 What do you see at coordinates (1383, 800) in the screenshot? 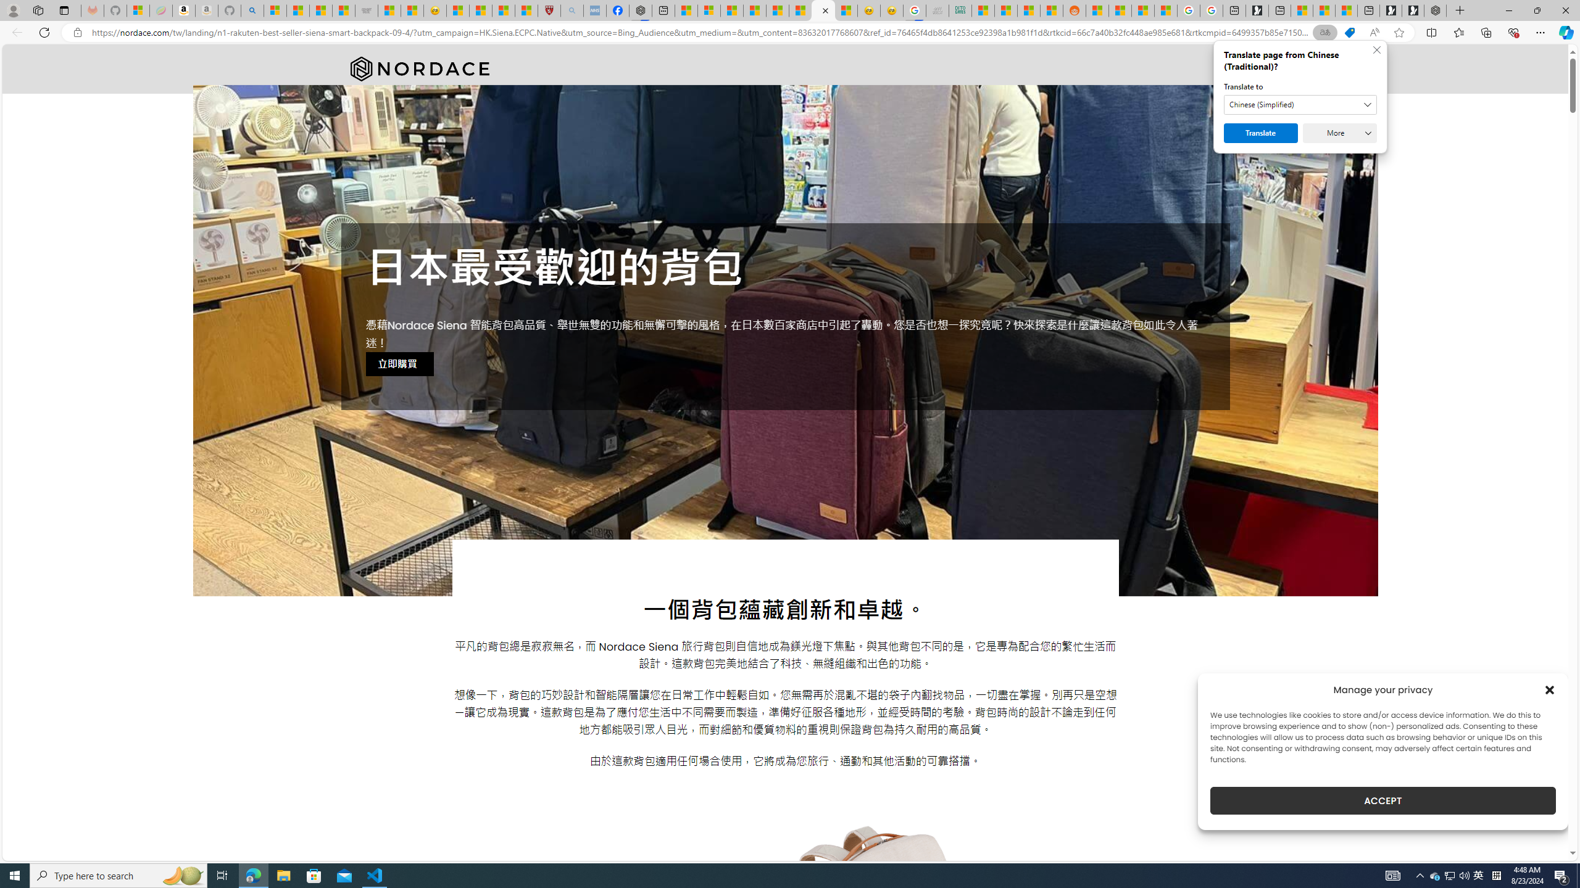
I see `'ACCEPT'` at bounding box center [1383, 800].